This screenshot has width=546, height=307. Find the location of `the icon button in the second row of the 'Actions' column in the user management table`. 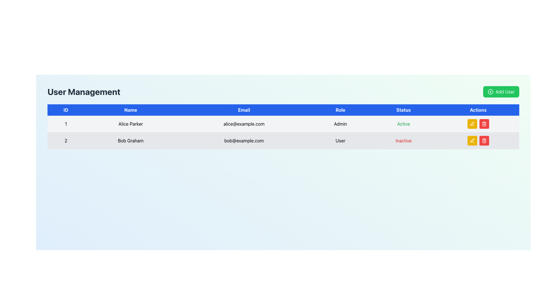

the icon button in the second row of the 'Actions' column in the user management table is located at coordinates (472, 123).